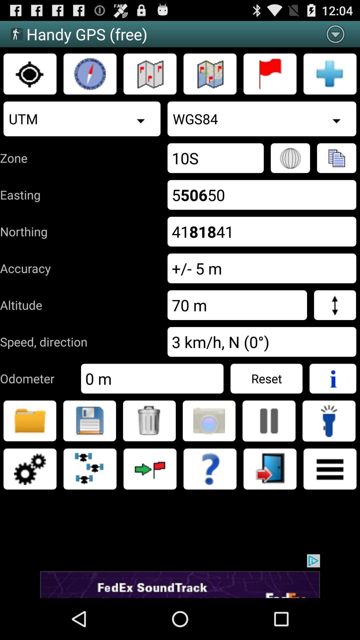  I want to click on get more information, so click(333, 378).